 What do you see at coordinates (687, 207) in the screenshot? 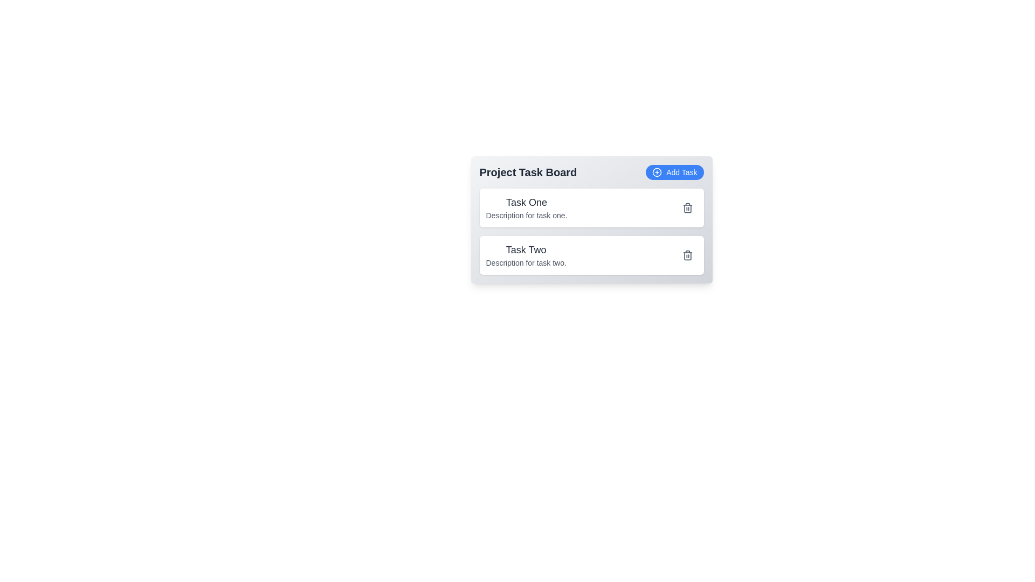
I see `the trash can icon button located in the right section of the 'Task One' box to change its color to red, indicating interactivity` at bounding box center [687, 207].